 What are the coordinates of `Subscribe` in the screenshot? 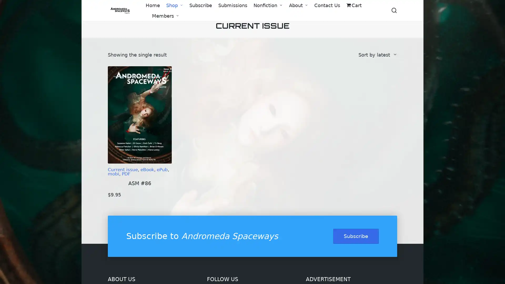 It's located at (356, 236).